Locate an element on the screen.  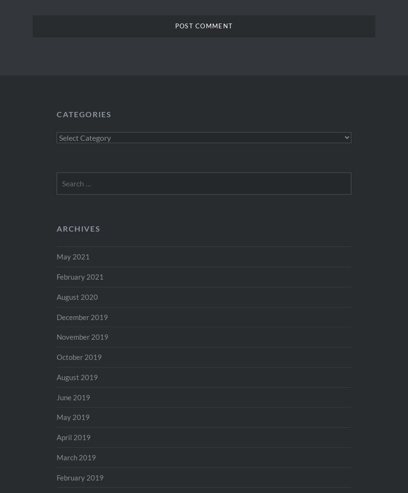
'August 2019' is located at coordinates (77, 376).